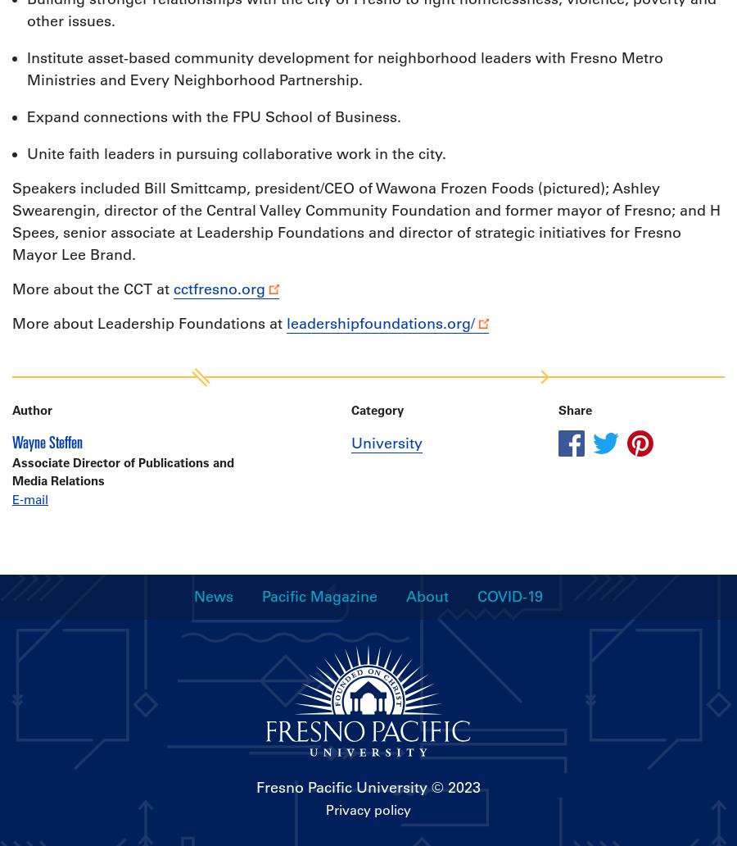 This screenshot has width=737, height=846. Describe the element at coordinates (477, 595) in the screenshot. I see `'COVID-19'` at that location.